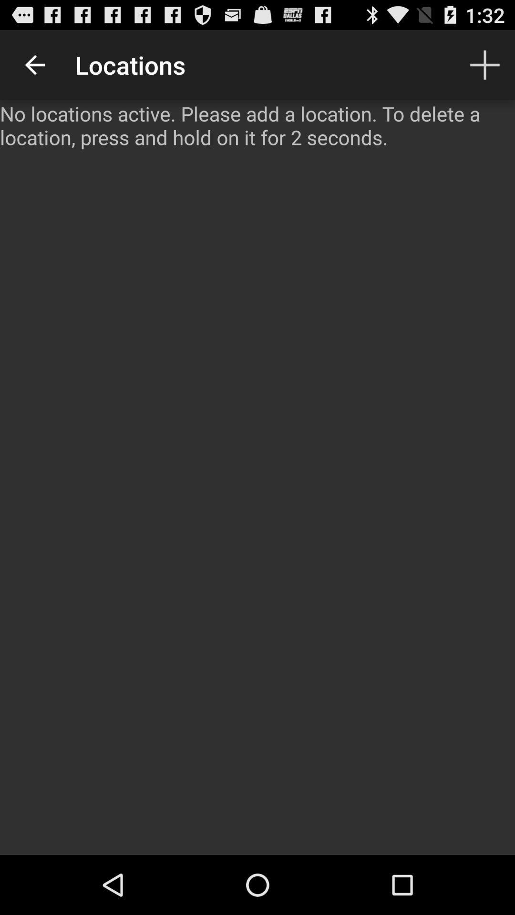 This screenshot has width=515, height=915. Describe the element at coordinates (34, 64) in the screenshot. I see `the item to the left of locations` at that location.